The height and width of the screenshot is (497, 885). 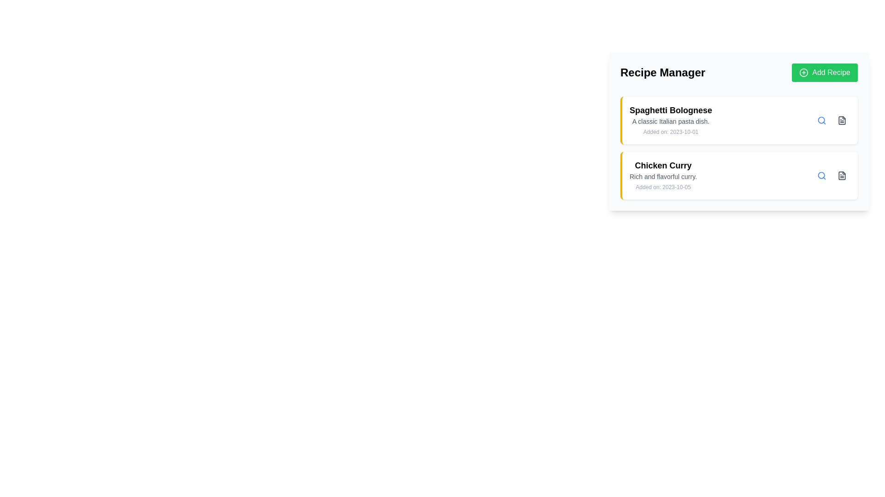 What do you see at coordinates (671, 110) in the screenshot?
I see `the recipe title text element located in the first entry of the 'Recipe Manager' section to trigger a tooltip or highlight effect` at bounding box center [671, 110].